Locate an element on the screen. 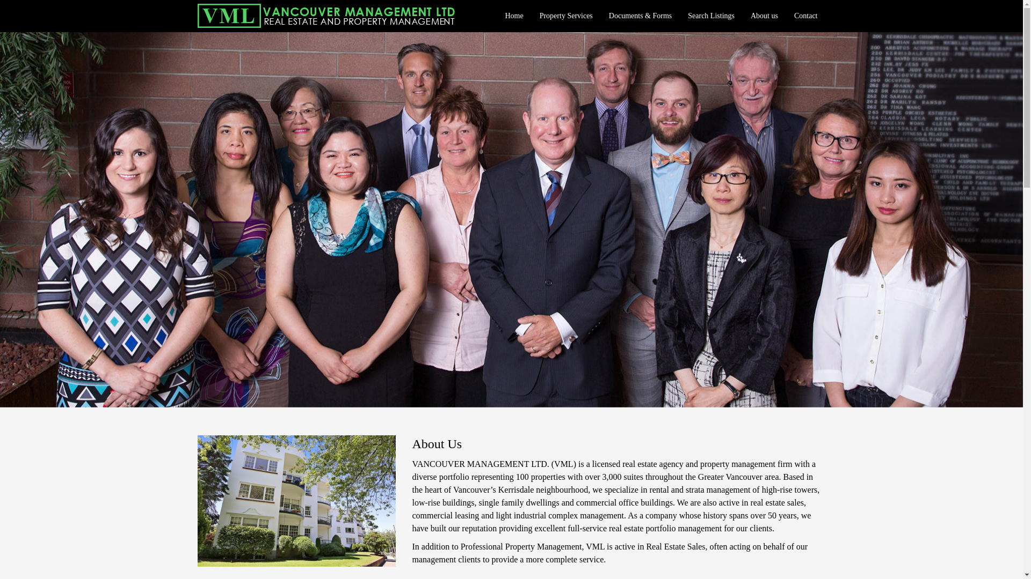 This screenshot has height=579, width=1031. 'Contact' is located at coordinates (806, 16).